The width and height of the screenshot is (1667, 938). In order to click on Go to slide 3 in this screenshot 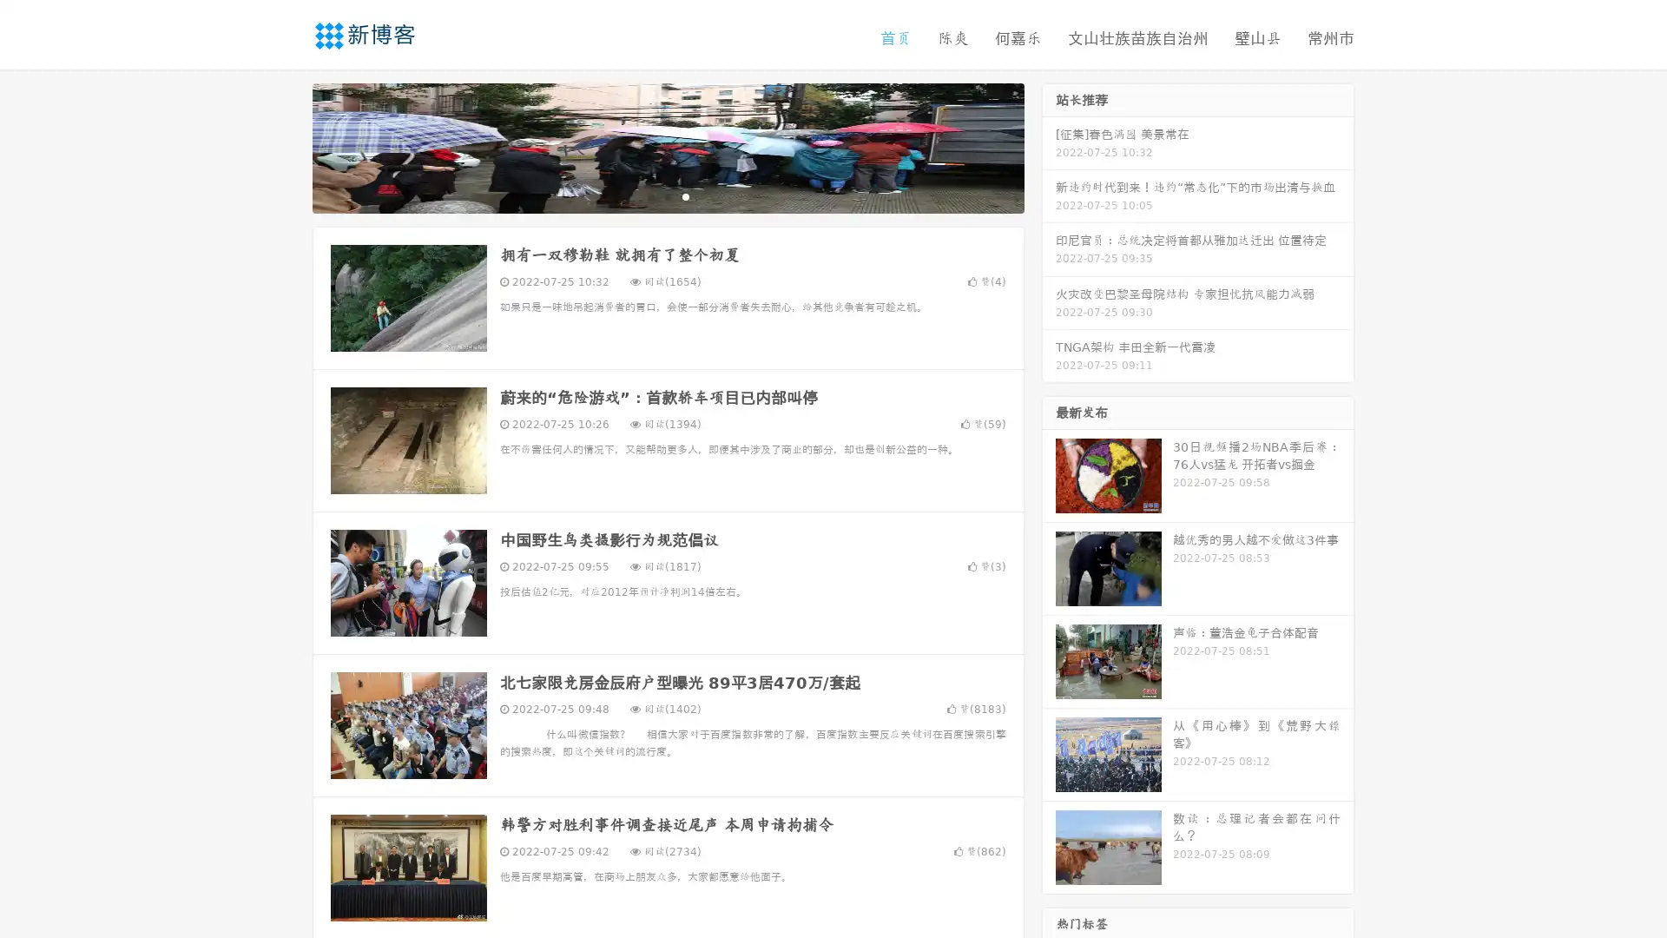, I will do `click(685, 195)`.